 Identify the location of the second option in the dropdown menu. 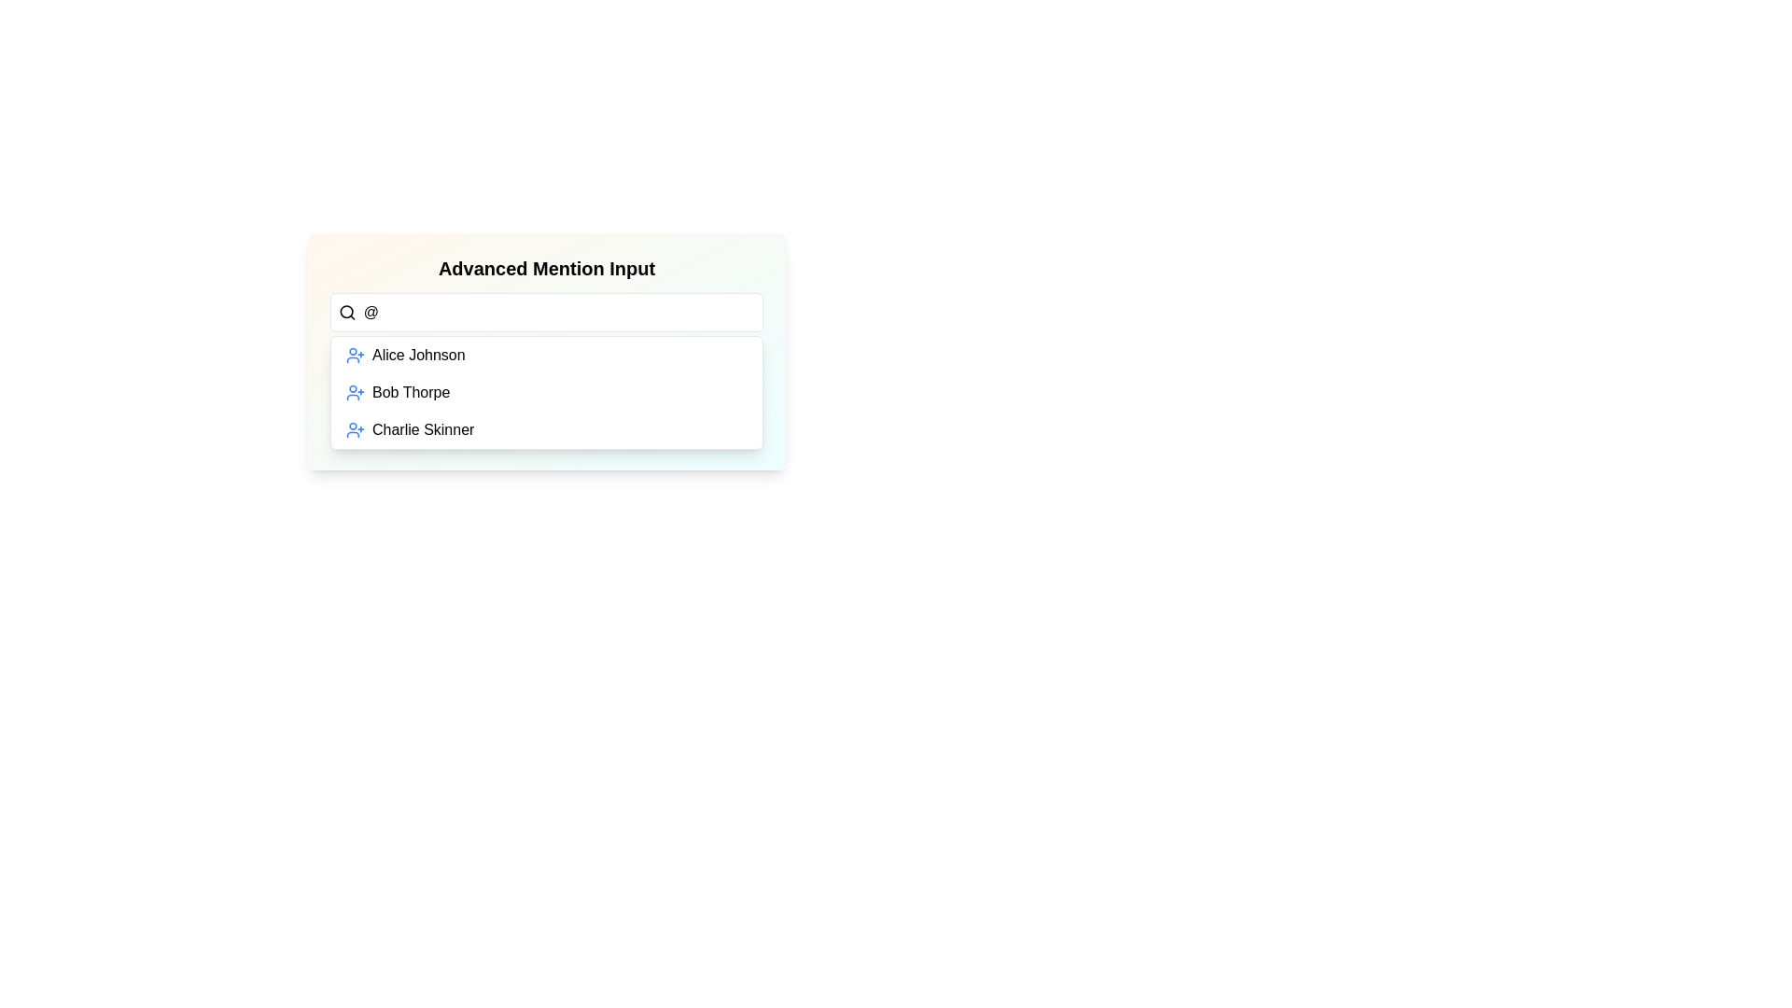
(545, 391).